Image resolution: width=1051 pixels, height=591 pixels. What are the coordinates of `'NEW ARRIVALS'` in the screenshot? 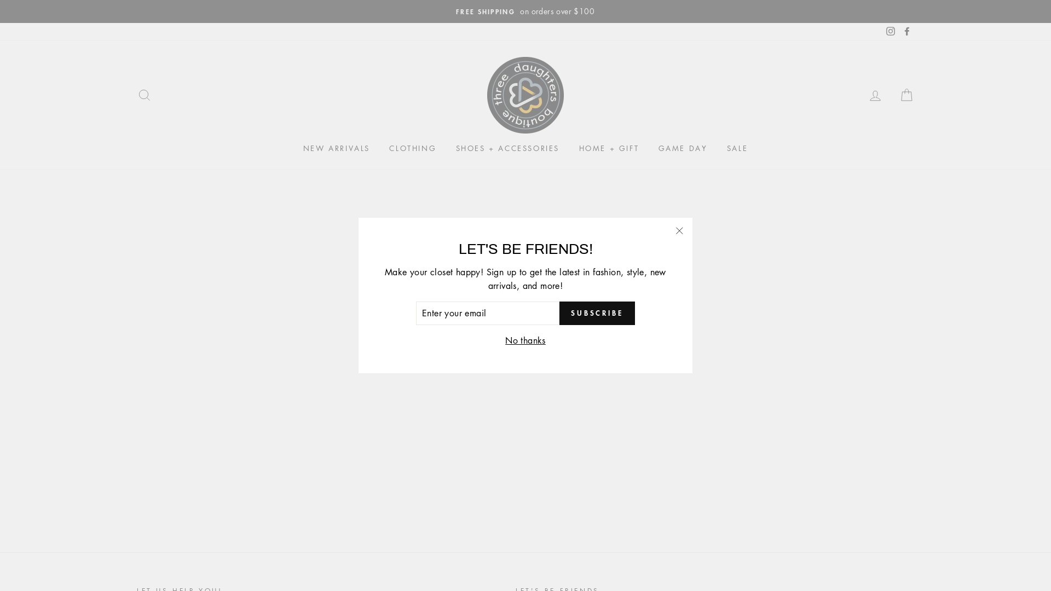 It's located at (336, 149).